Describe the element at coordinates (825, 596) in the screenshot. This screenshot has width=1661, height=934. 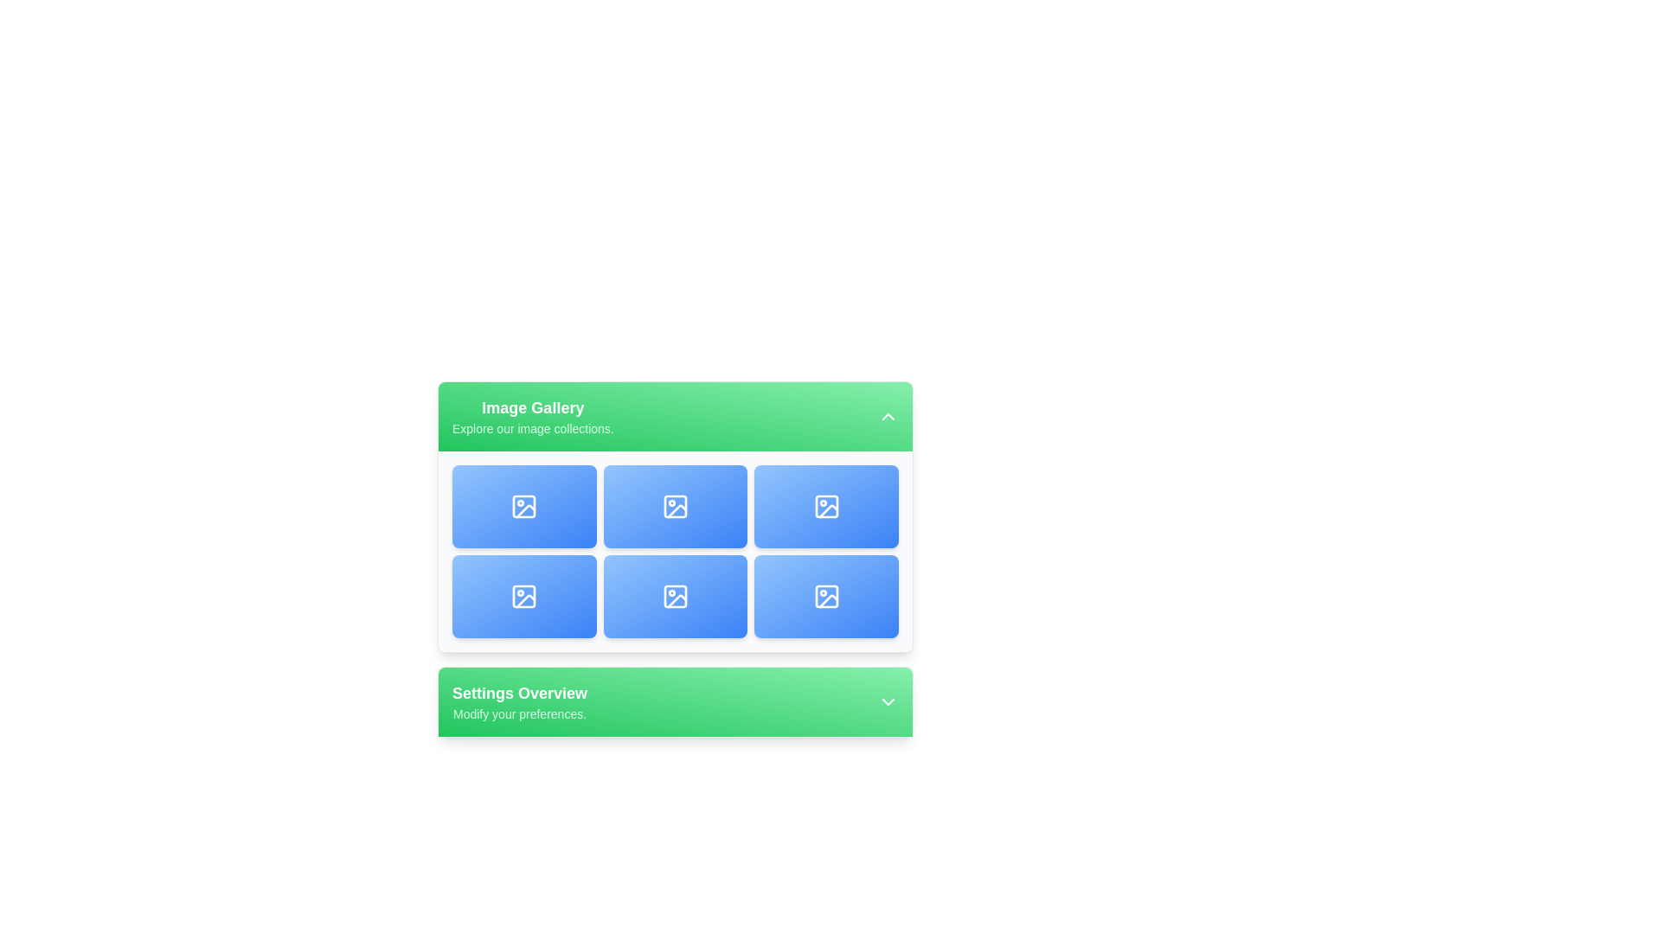
I see `the decorative graphical icon part located in the lower-right thumbnail of the 'Image Gallery' section by clicking on it` at that location.